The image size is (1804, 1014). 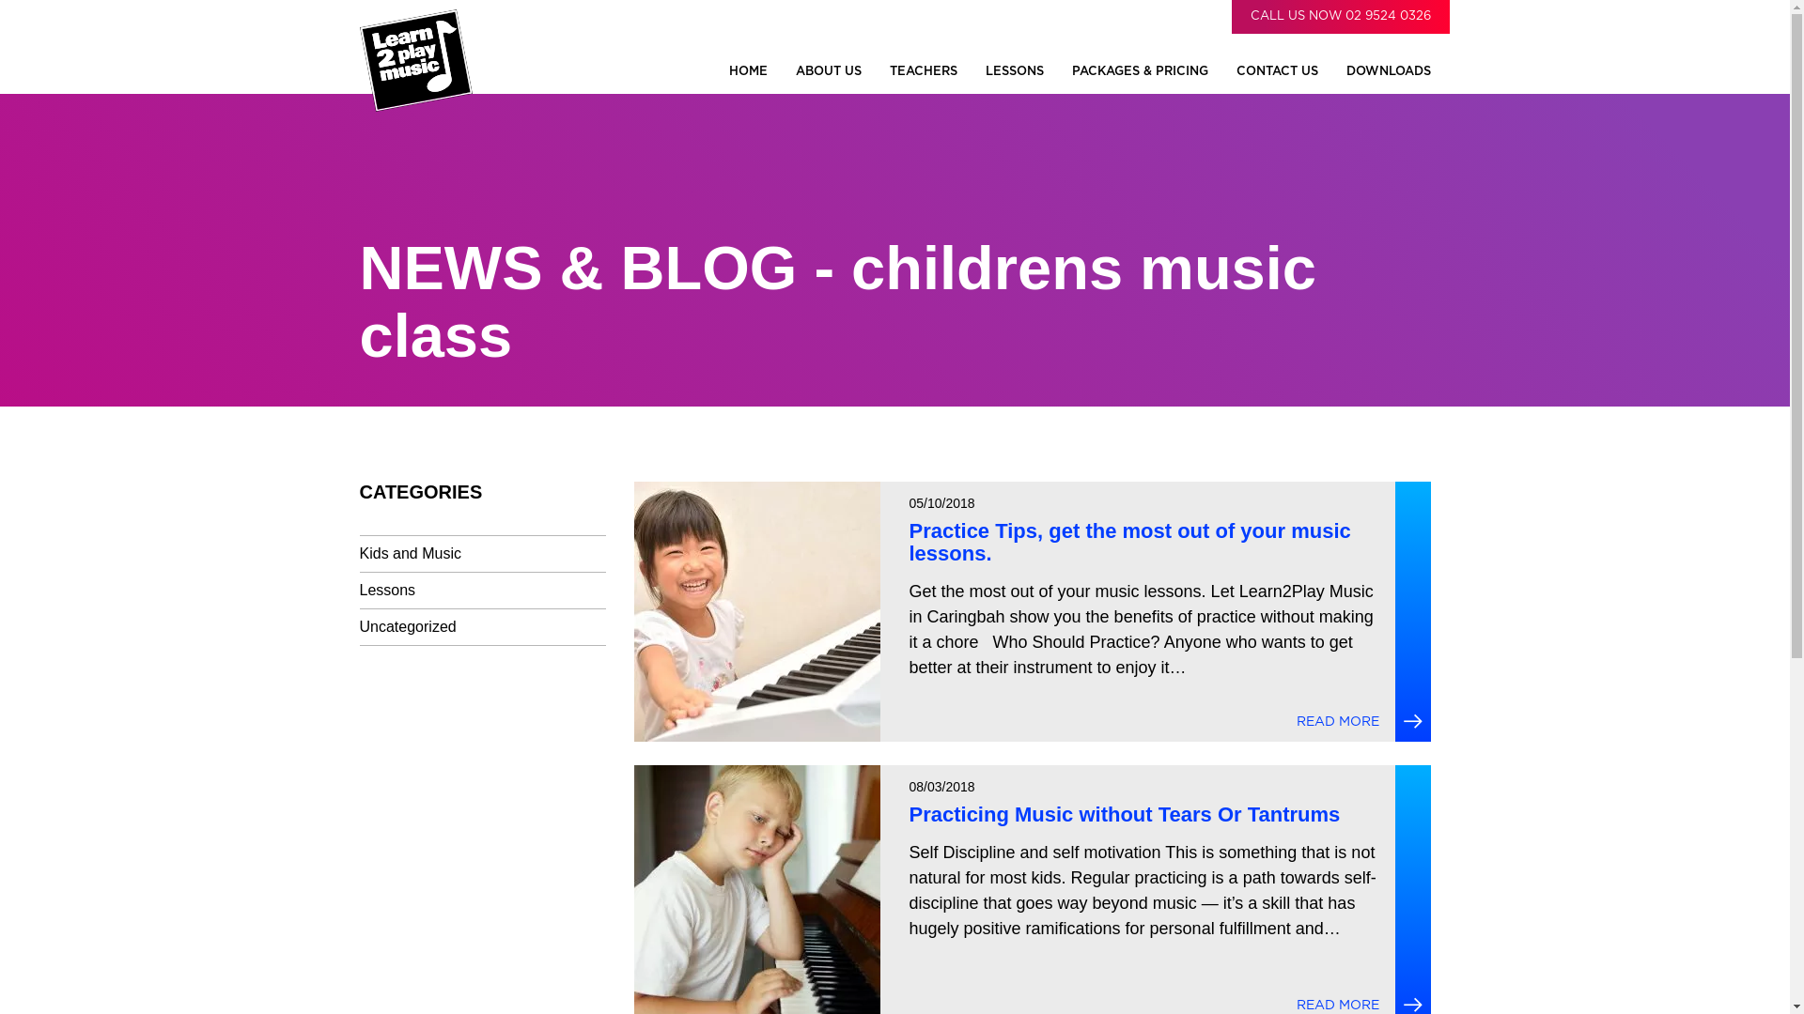 I want to click on 'TEACHERS', so click(x=923, y=70).